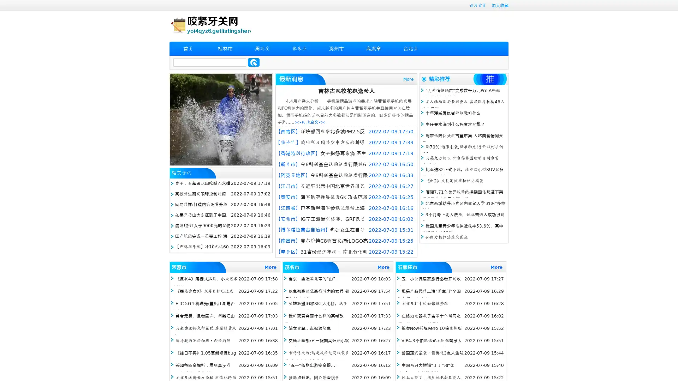  Describe the element at coordinates (254, 62) in the screenshot. I see `Search` at that location.